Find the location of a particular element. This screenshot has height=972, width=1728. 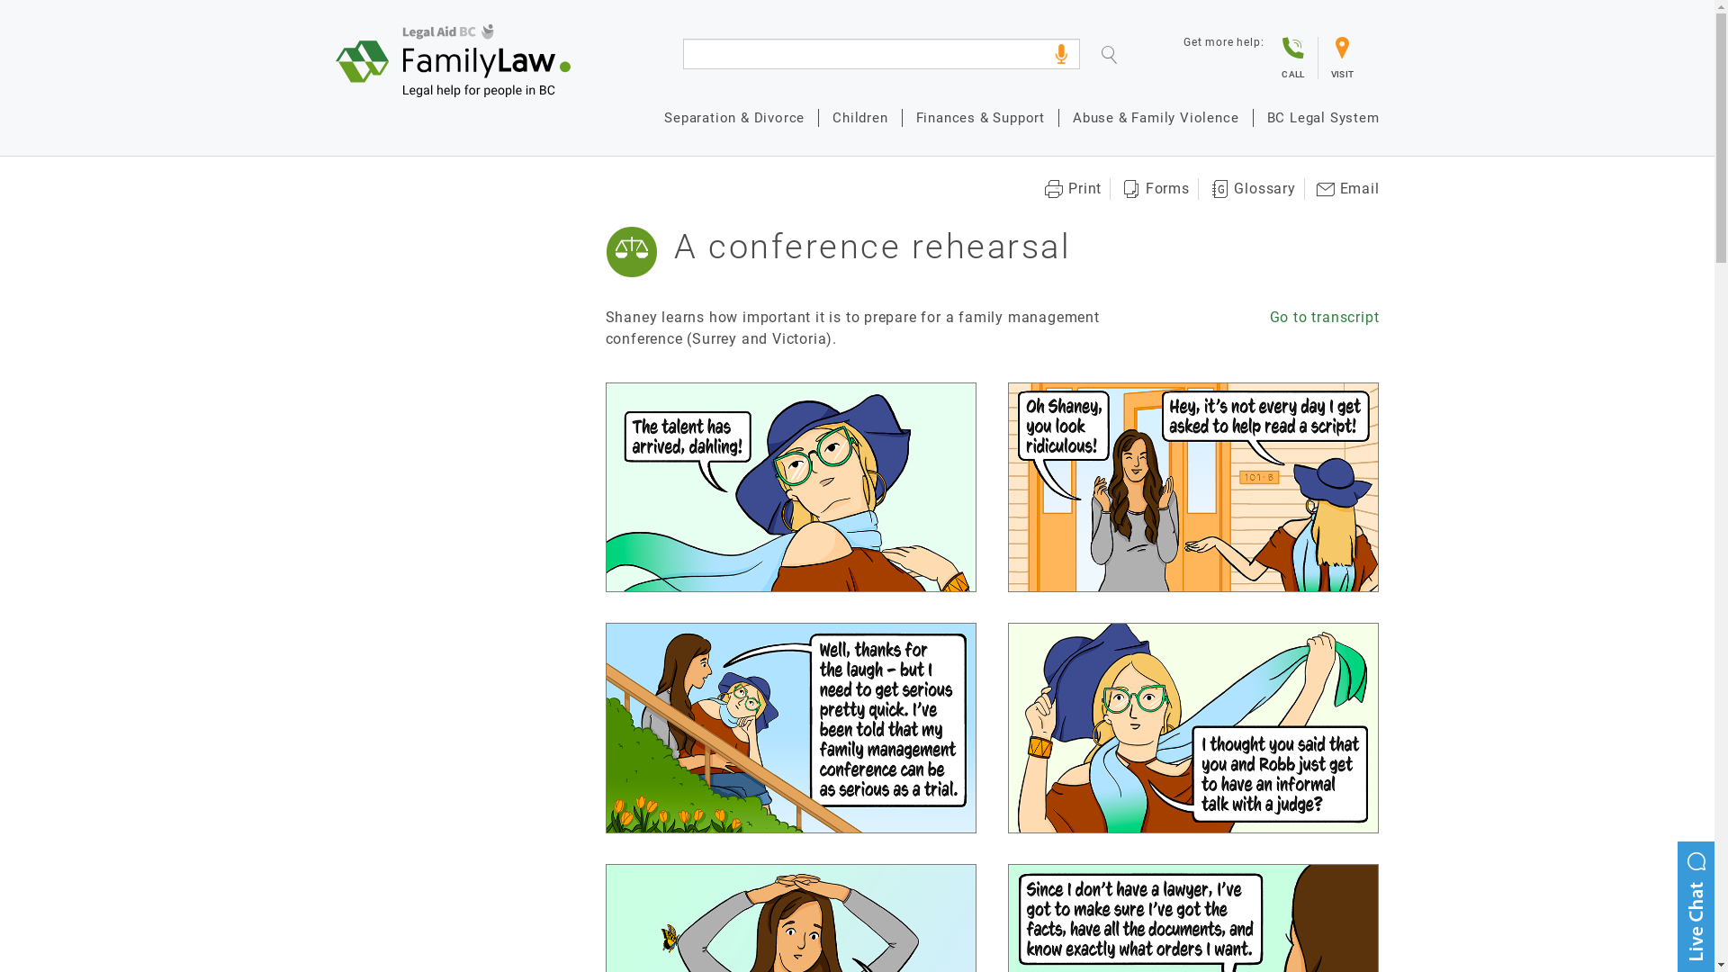

'Go to transcript' is located at coordinates (1325, 316).